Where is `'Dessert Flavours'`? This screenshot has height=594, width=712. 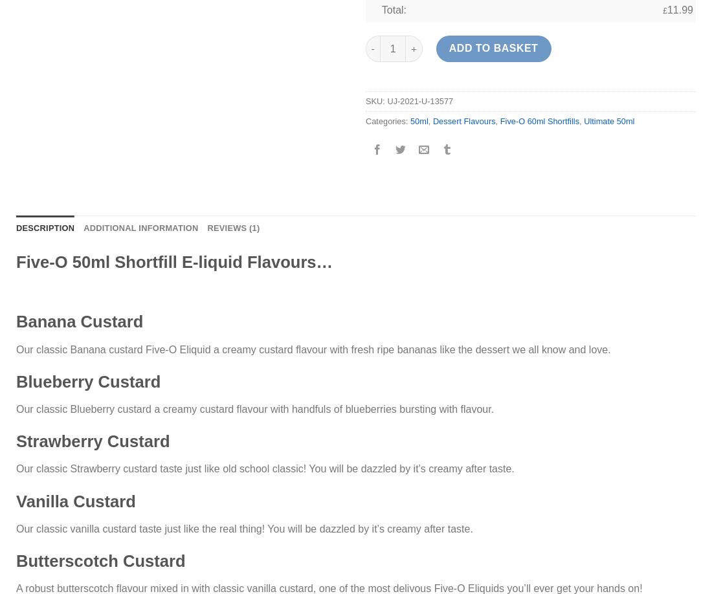 'Dessert Flavours' is located at coordinates (432, 121).